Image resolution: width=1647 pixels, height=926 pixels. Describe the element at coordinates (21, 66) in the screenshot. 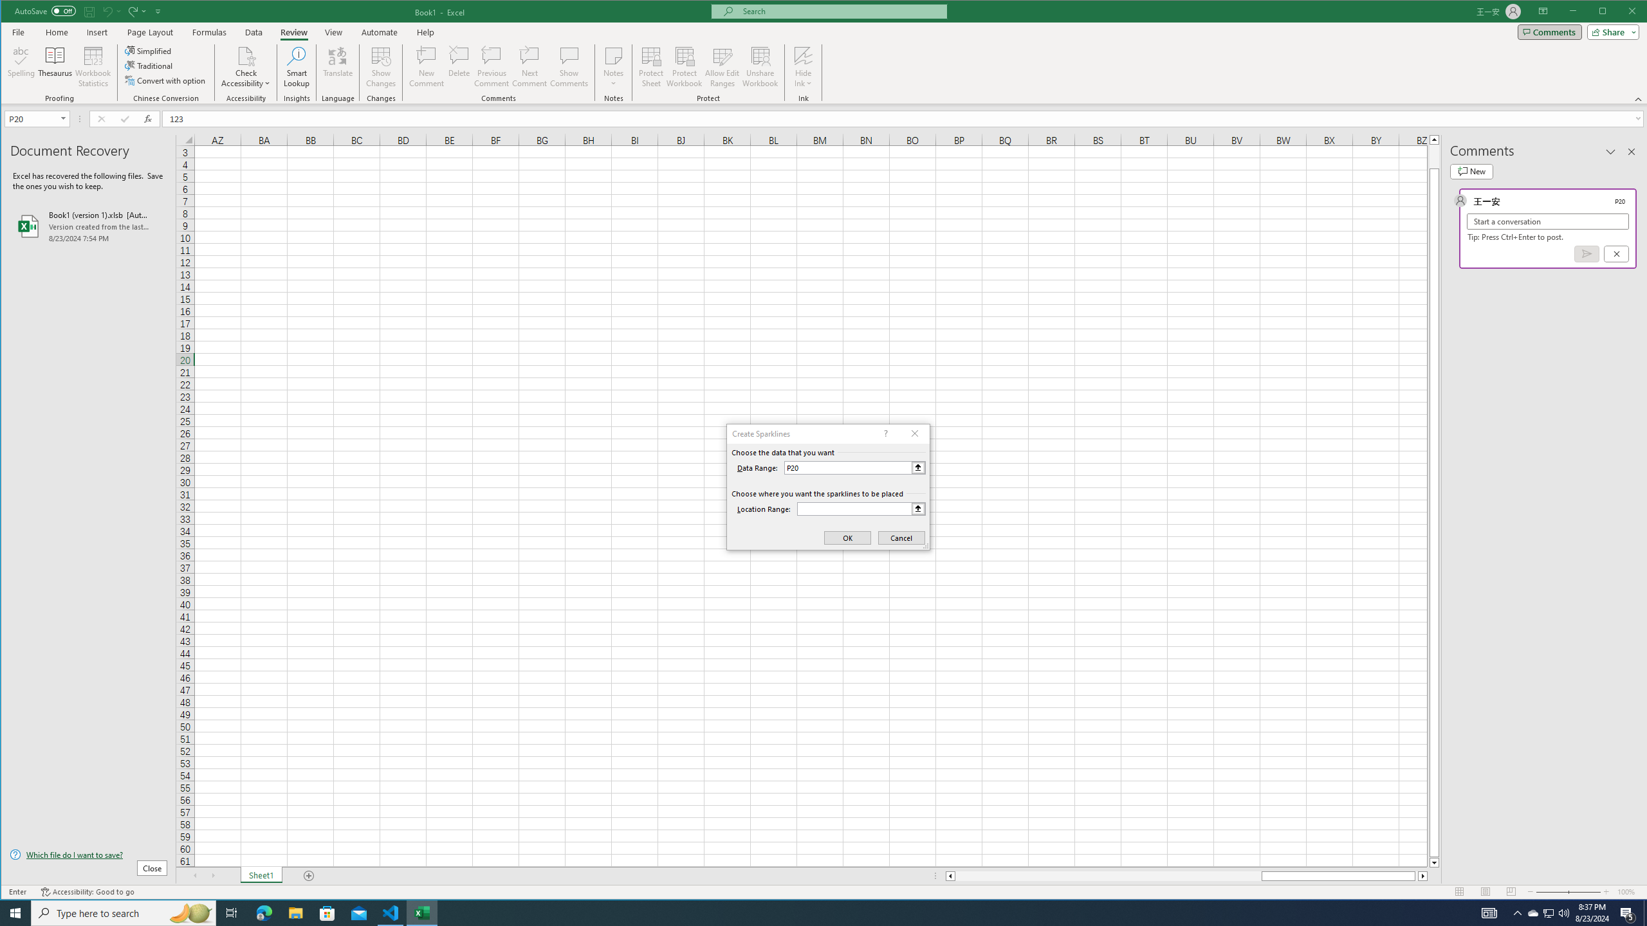

I see `'Spelling...'` at that location.